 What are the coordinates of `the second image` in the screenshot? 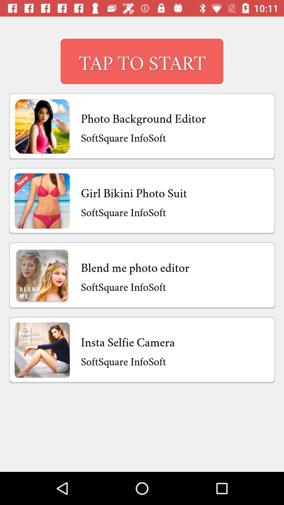 It's located at (42, 200).